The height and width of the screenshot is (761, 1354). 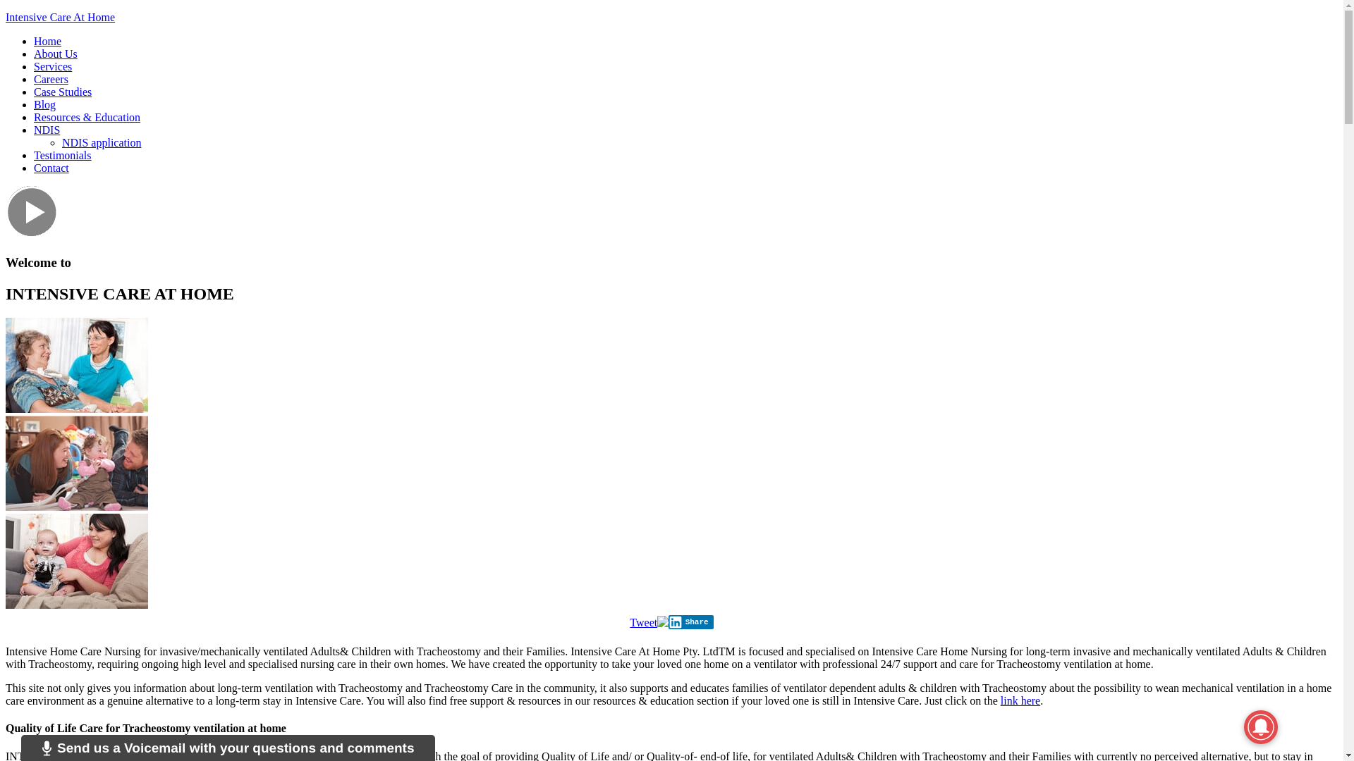 What do you see at coordinates (86, 116) in the screenshot?
I see `'Resources & Education'` at bounding box center [86, 116].